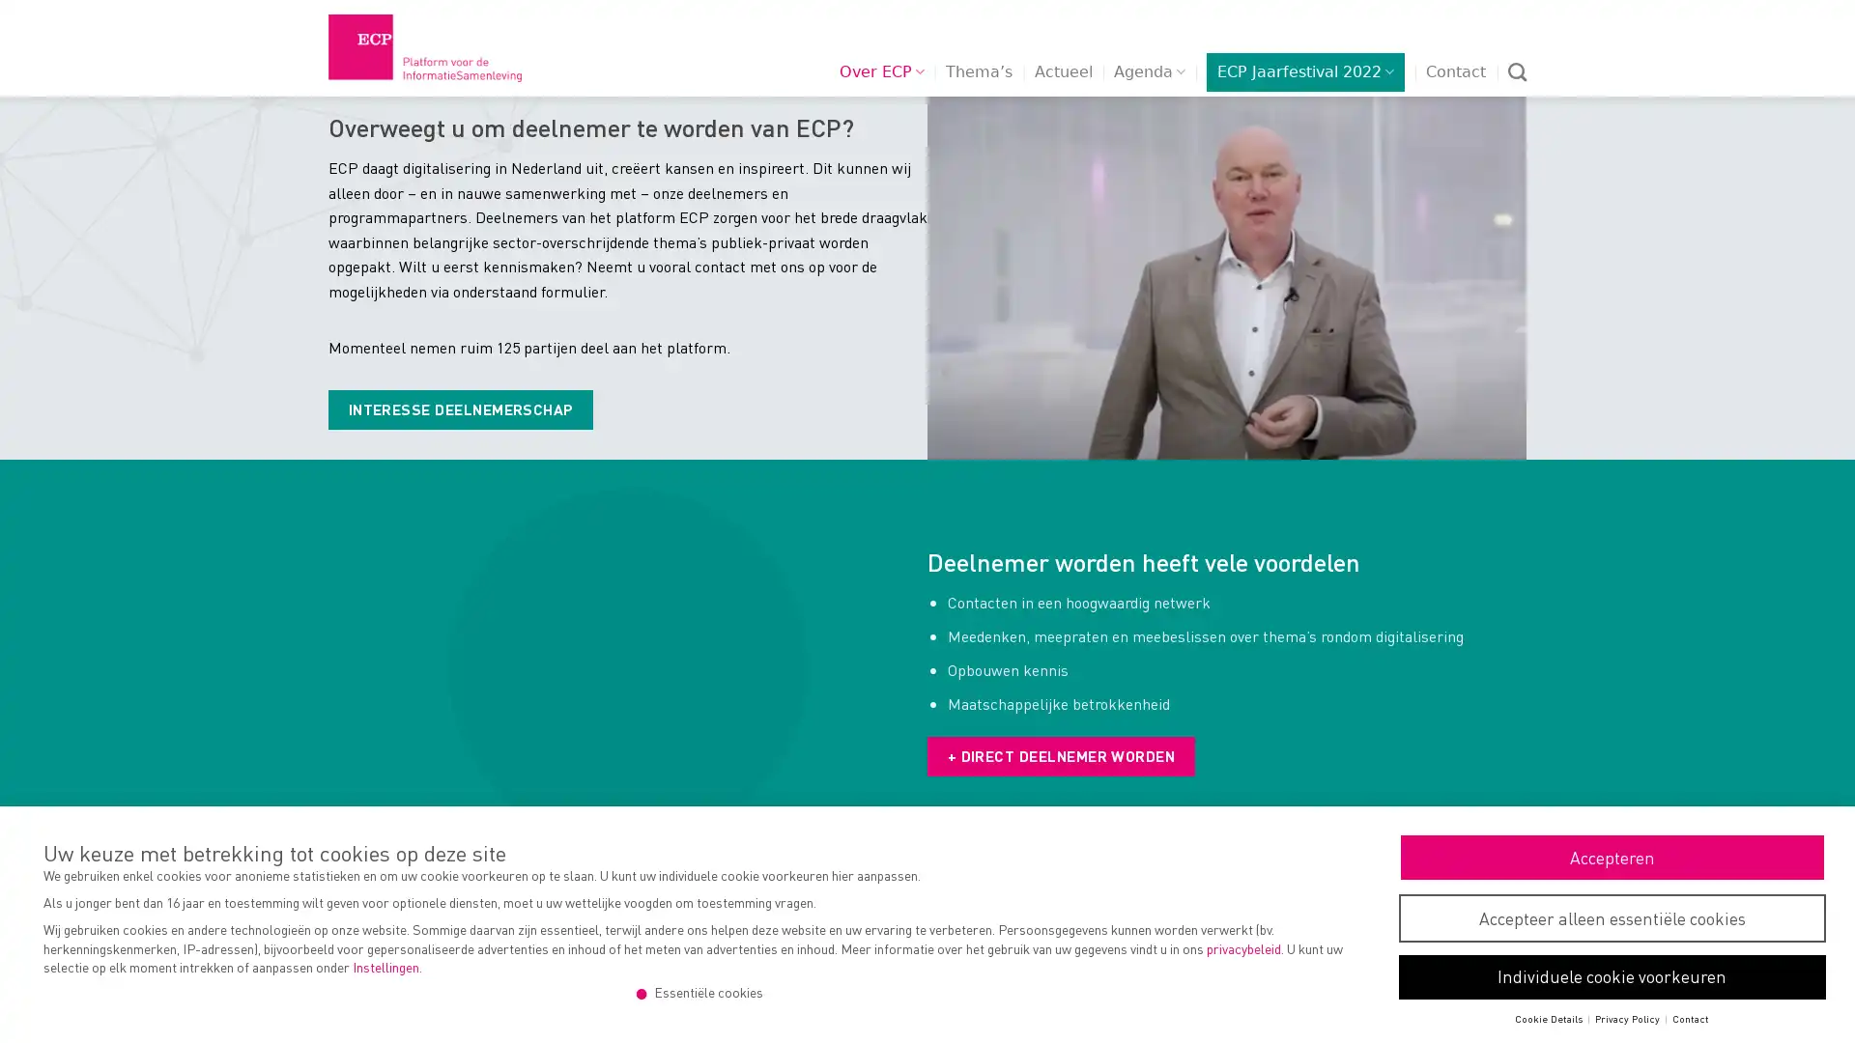 This screenshot has height=1043, width=1855. What do you see at coordinates (1612, 856) in the screenshot?
I see `Accepteren` at bounding box center [1612, 856].